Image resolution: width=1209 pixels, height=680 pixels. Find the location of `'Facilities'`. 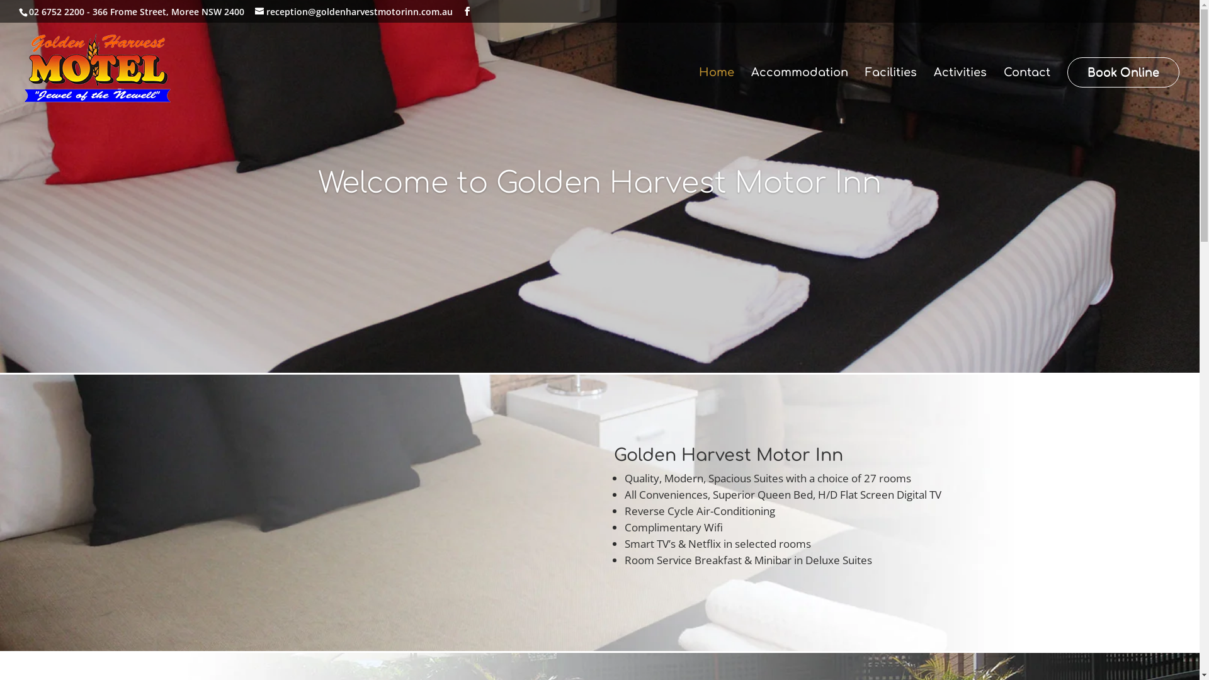

'Facilities' is located at coordinates (890, 89).